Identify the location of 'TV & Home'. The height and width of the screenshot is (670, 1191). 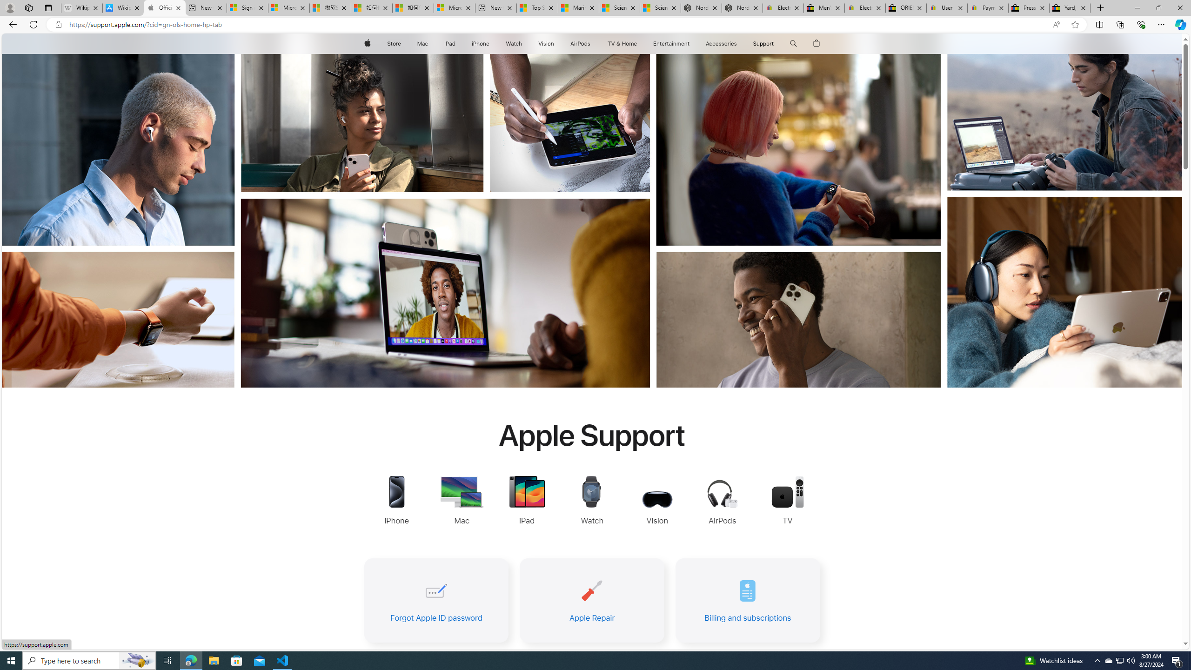
(622, 43).